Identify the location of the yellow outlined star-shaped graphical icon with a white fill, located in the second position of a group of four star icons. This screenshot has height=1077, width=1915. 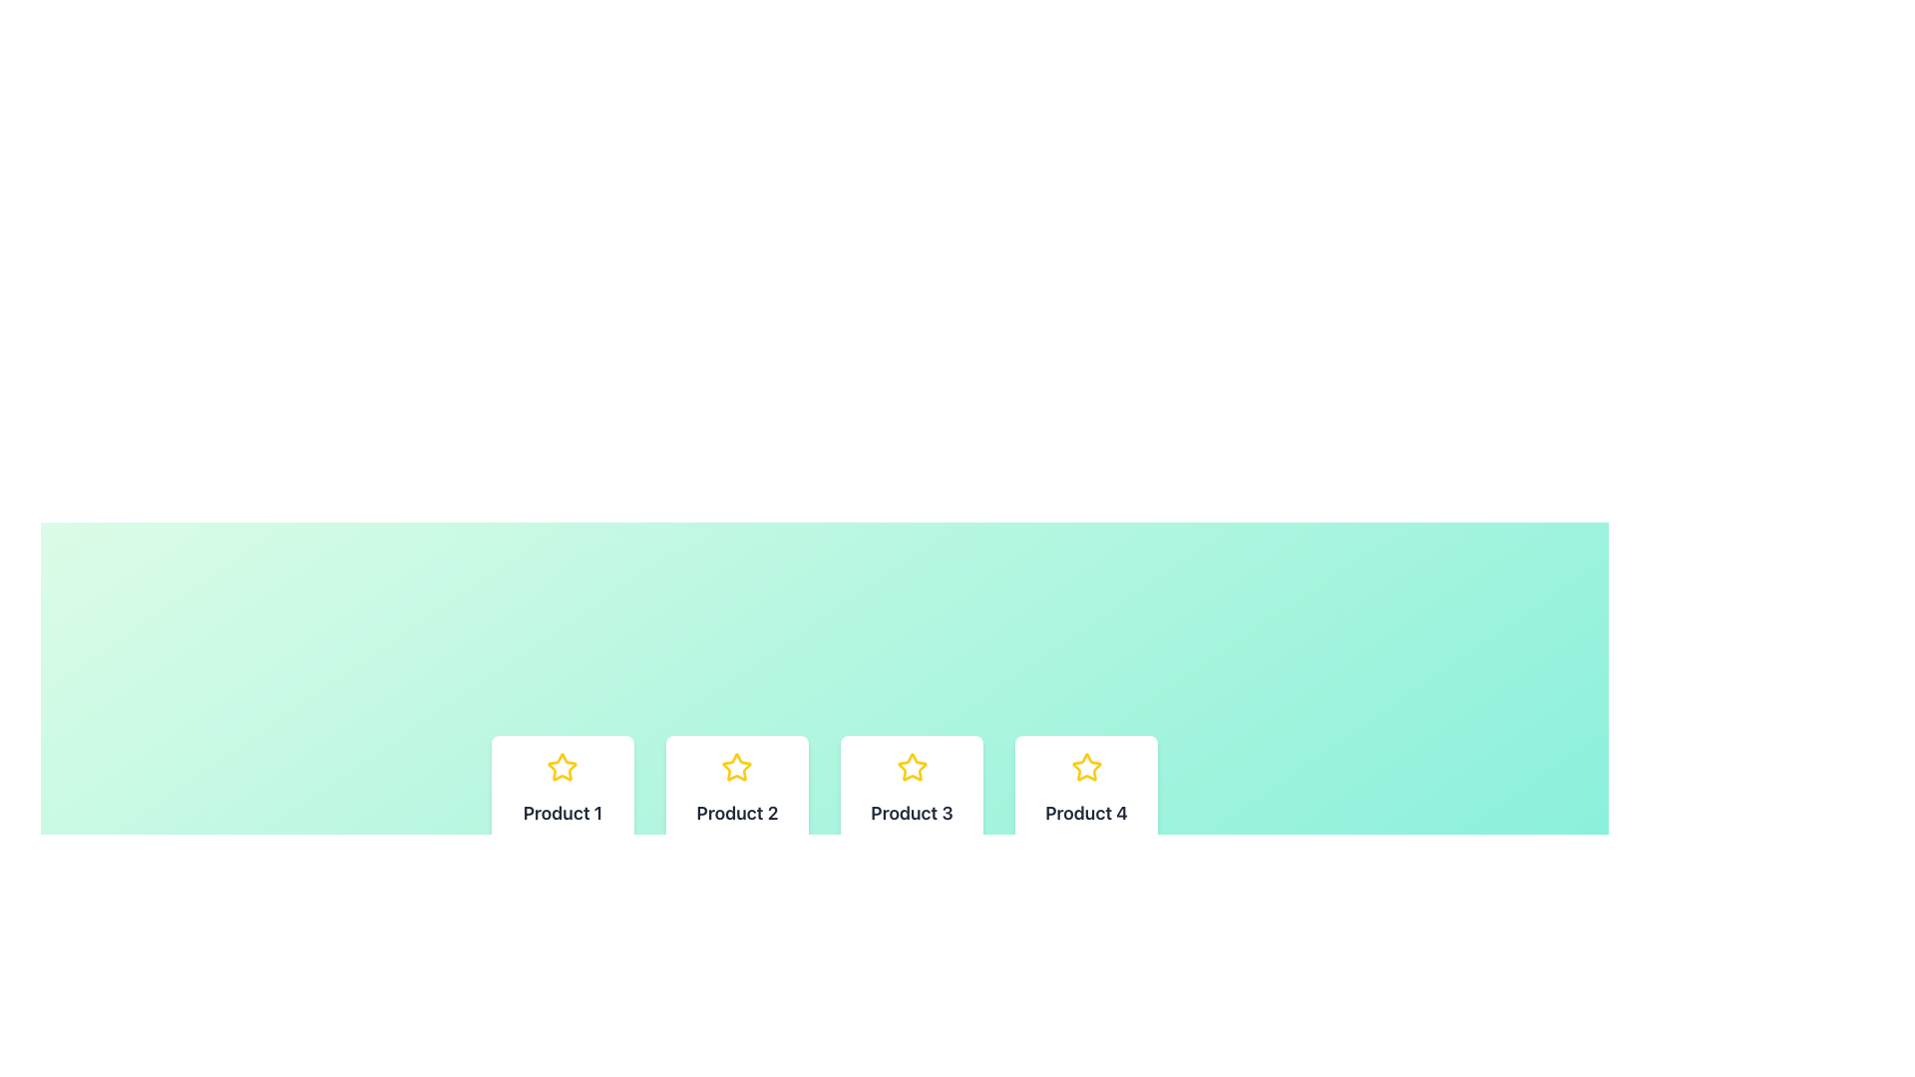
(736, 766).